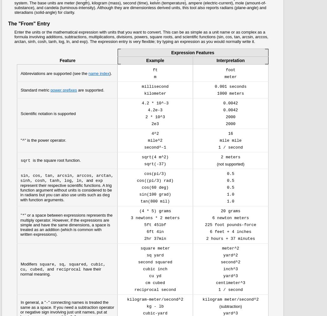 This screenshot has width=327, height=316. What do you see at coordinates (130, 218) in the screenshot?
I see `'3 newtons * 2 meters'` at bounding box center [130, 218].